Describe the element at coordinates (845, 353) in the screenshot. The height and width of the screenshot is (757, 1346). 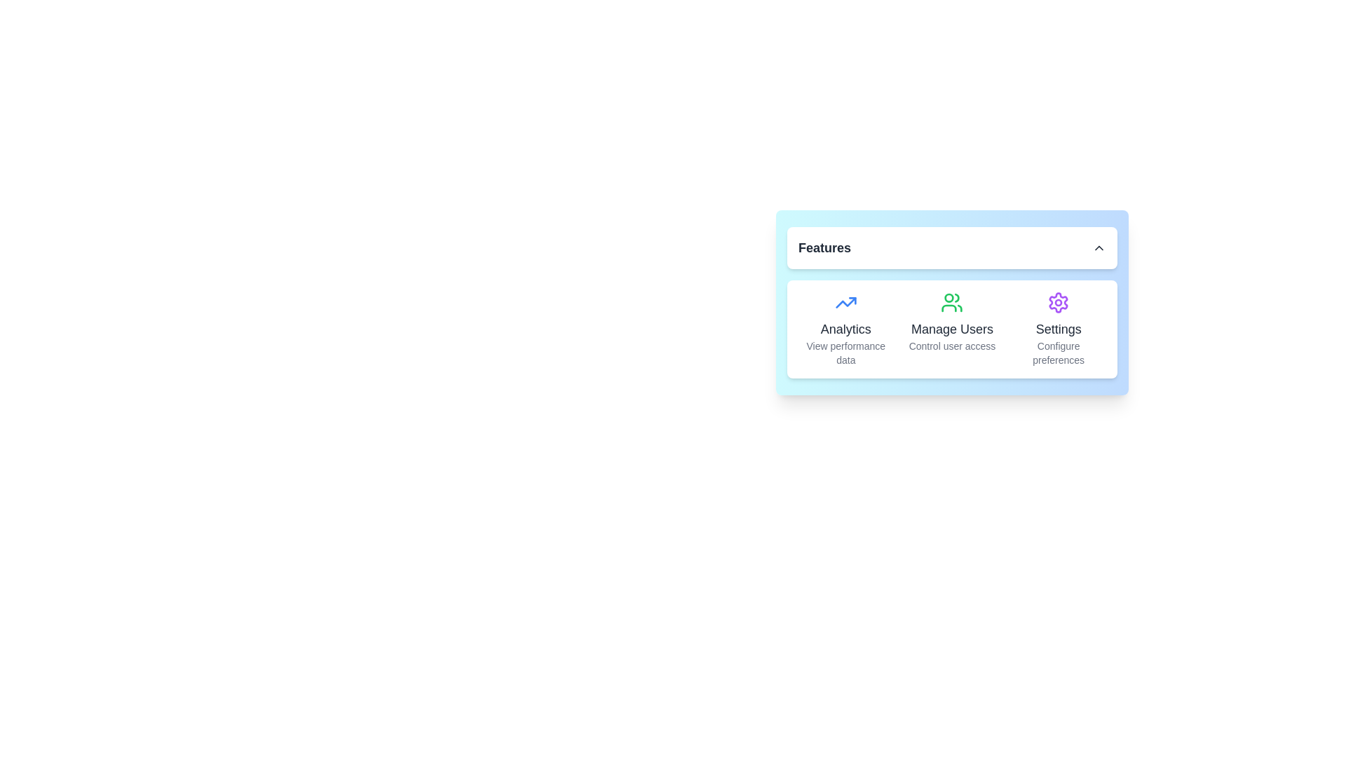
I see `the static text element that provides additional context related to the 'Analytics' card, located at the bottom section of the card and centered below the label text` at that location.